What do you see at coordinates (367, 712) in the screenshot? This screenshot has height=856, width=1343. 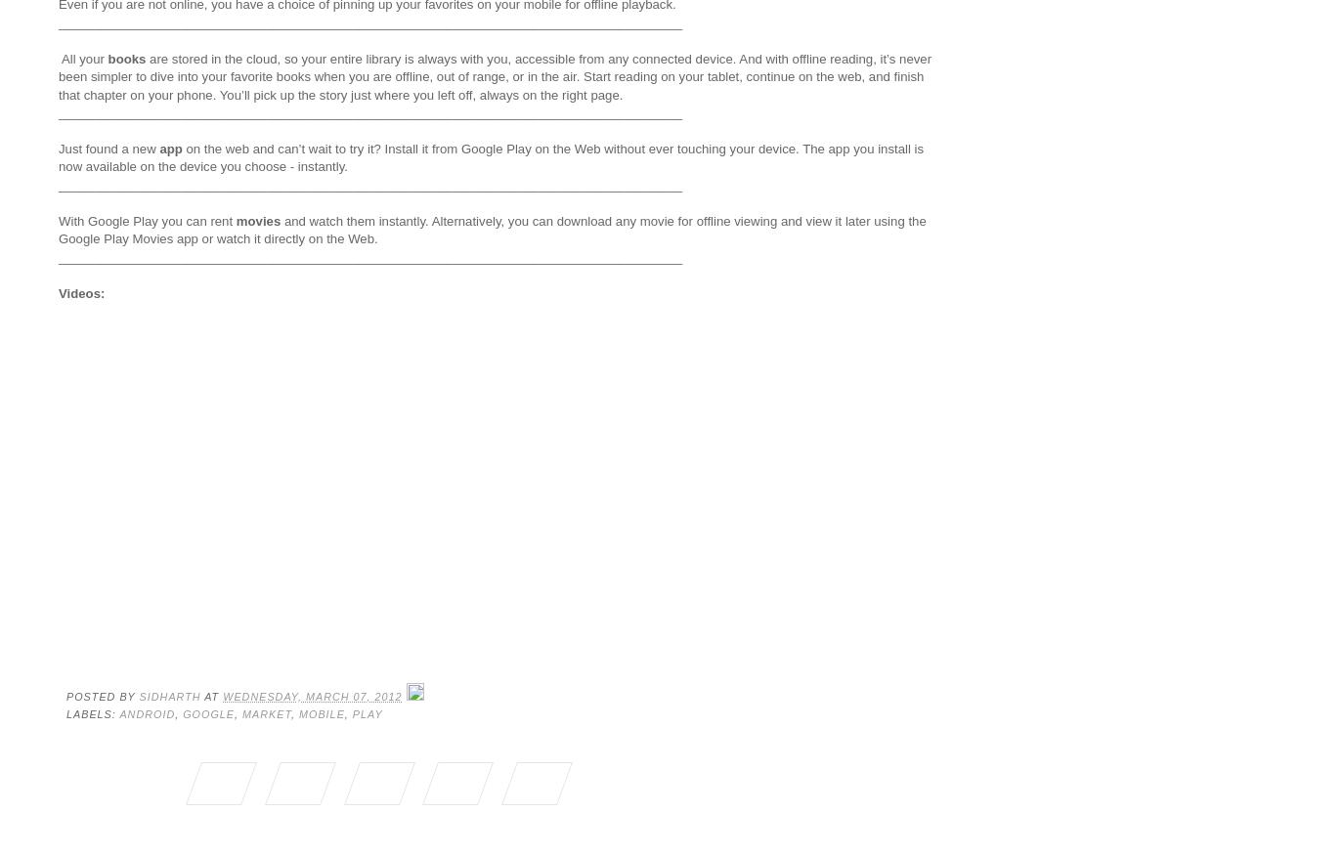 I see `'play'` at bounding box center [367, 712].